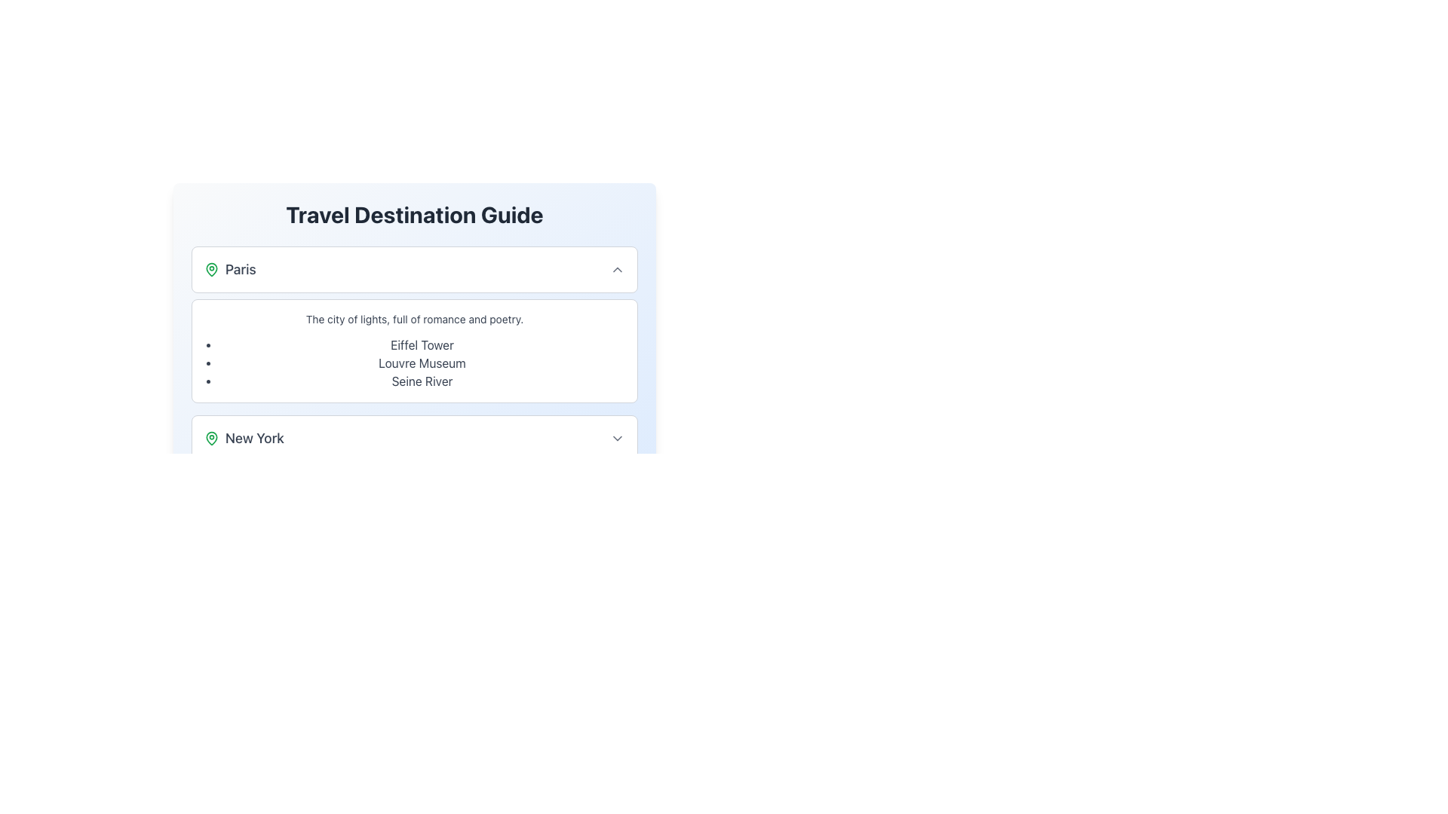  Describe the element at coordinates (422, 380) in the screenshot. I see `the Static Text element displaying 'Seine River', which is the third item in the vertical list under 'Travel Destination Guide' and above the section divider` at that location.